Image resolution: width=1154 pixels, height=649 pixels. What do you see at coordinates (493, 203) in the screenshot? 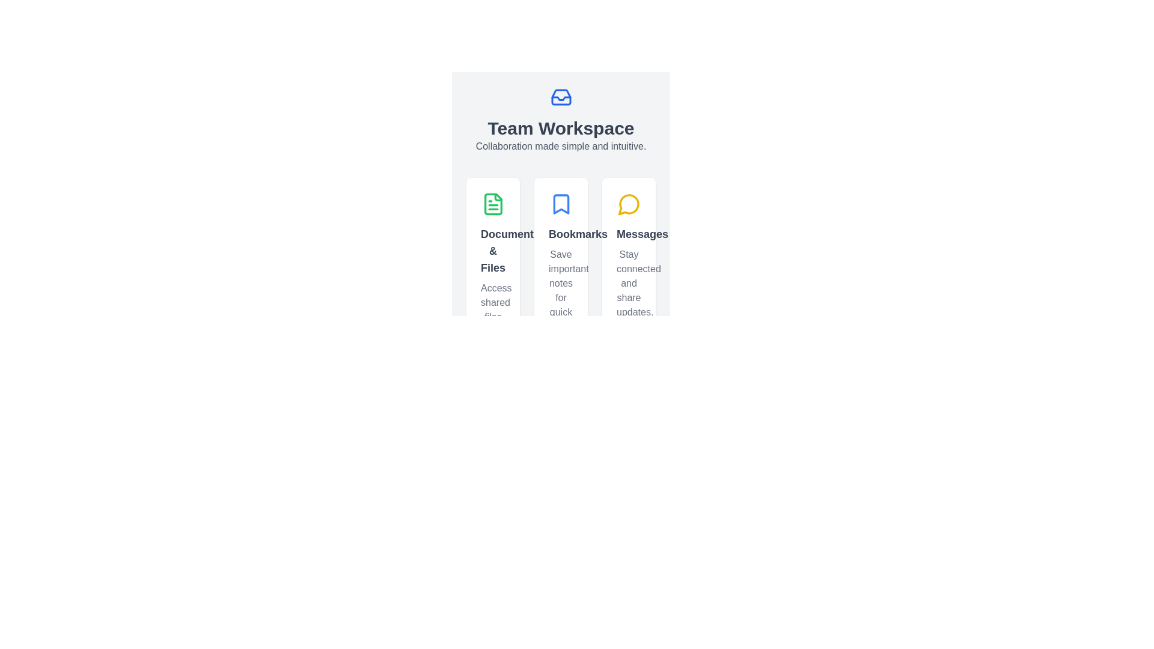
I see `the 'Document & Files' icon, which is the first icon in the top center area of the user interface` at bounding box center [493, 203].